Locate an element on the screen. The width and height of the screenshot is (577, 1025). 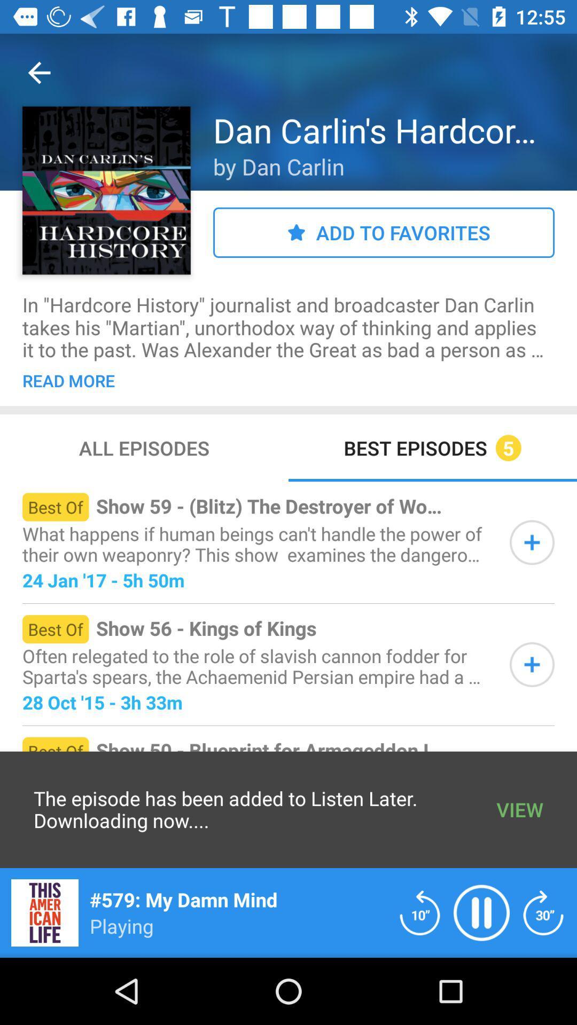
the av_rewind icon is located at coordinates (419, 912).